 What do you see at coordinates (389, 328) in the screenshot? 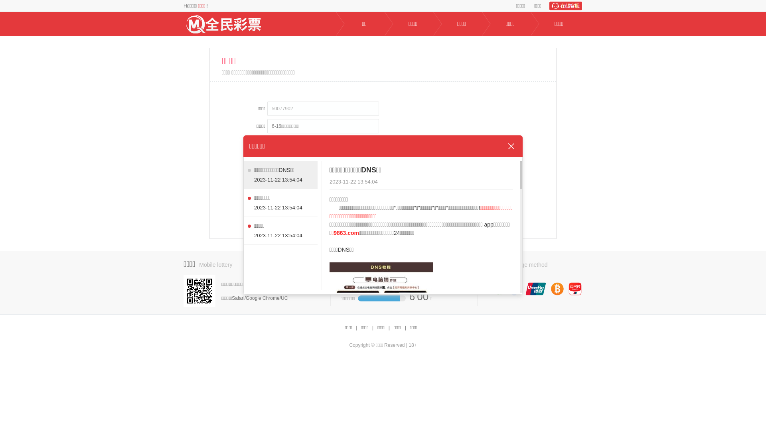
I see `'|'` at bounding box center [389, 328].